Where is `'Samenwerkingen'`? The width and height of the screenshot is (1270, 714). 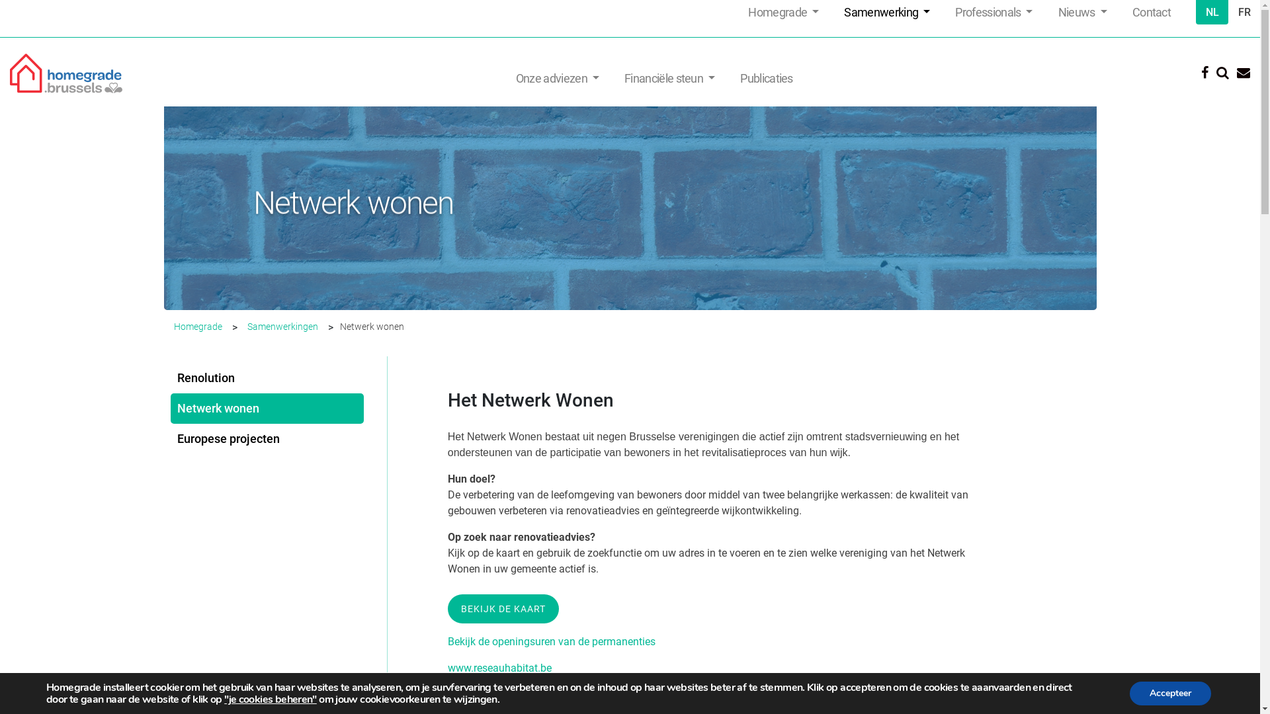 'Samenwerkingen' is located at coordinates (282, 326).